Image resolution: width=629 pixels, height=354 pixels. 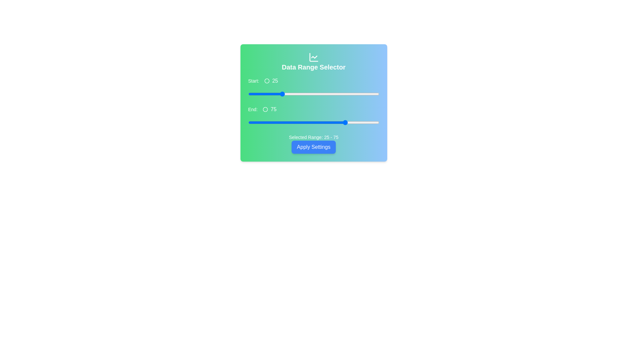 What do you see at coordinates (267, 80) in the screenshot?
I see `the circular icon with a thin border and white background, which is the inner circle of an SVG structure located on the left side of the interface, near textual labels and input fields` at bounding box center [267, 80].